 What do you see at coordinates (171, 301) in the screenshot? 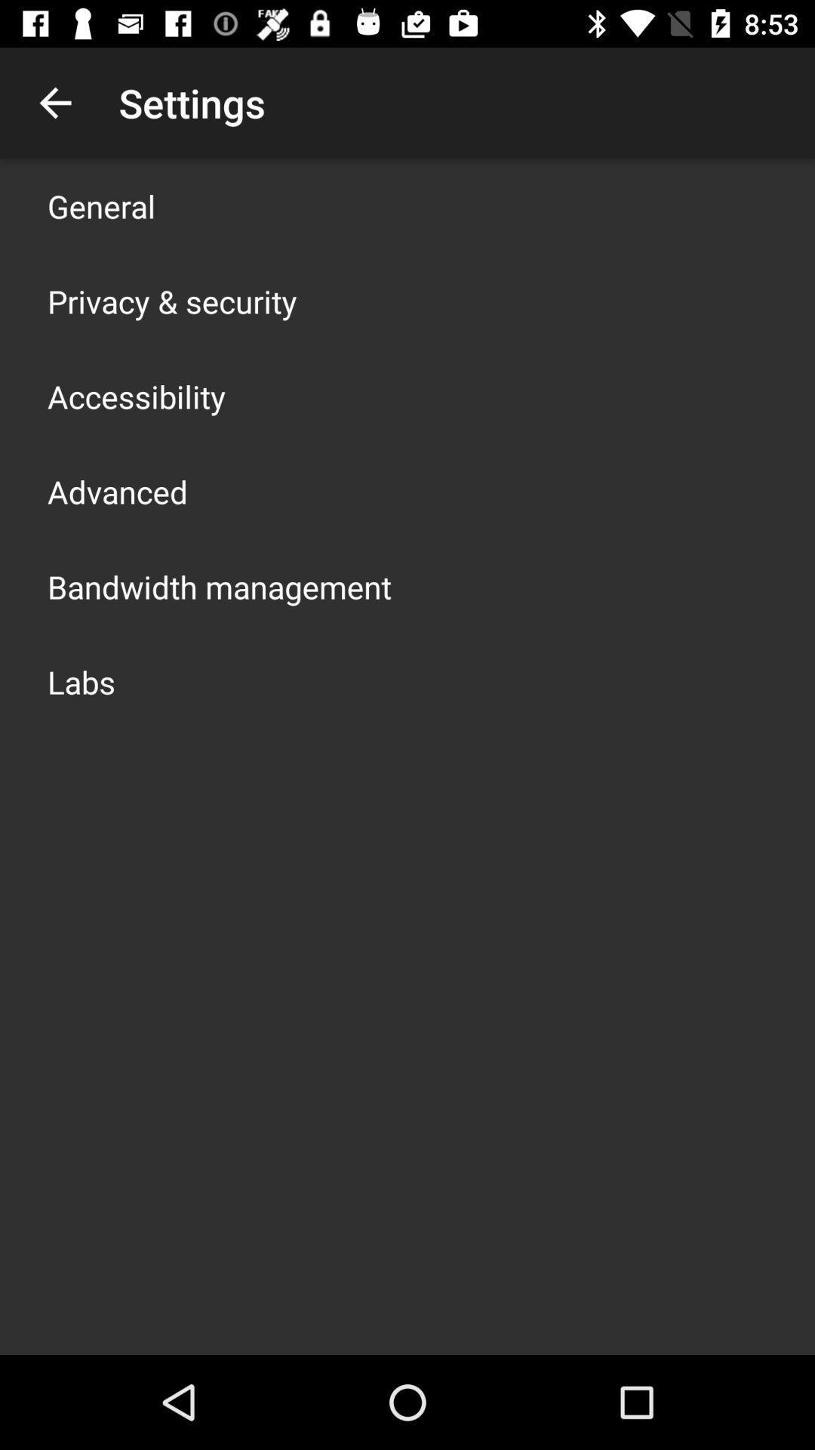
I see `the privacy & security item` at bounding box center [171, 301].